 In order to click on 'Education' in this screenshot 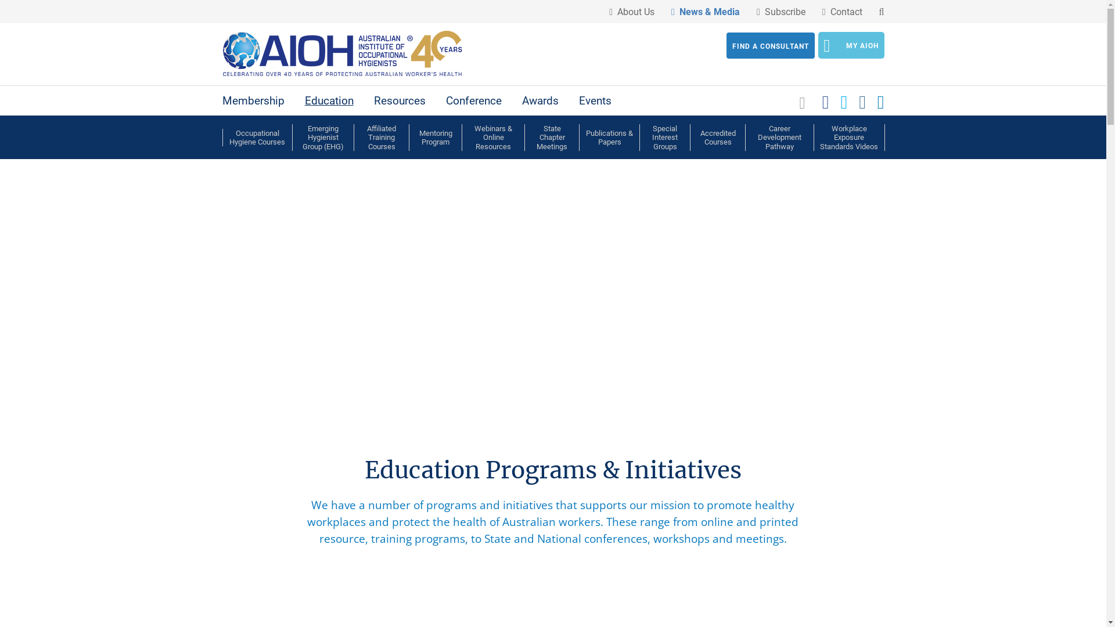, I will do `click(328, 100)`.